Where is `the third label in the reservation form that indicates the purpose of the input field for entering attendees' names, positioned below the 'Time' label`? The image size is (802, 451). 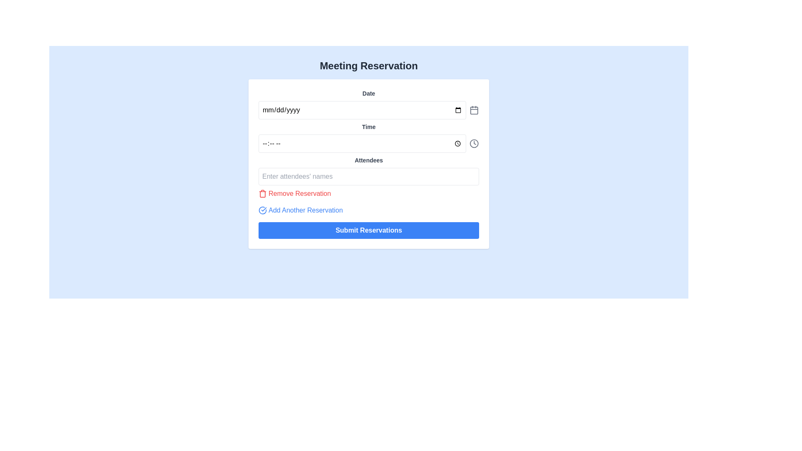
the third label in the reservation form that indicates the purpose of the input field for entering attendees' names, positioned below the 'Time' label is located at coordinates (368, 160).